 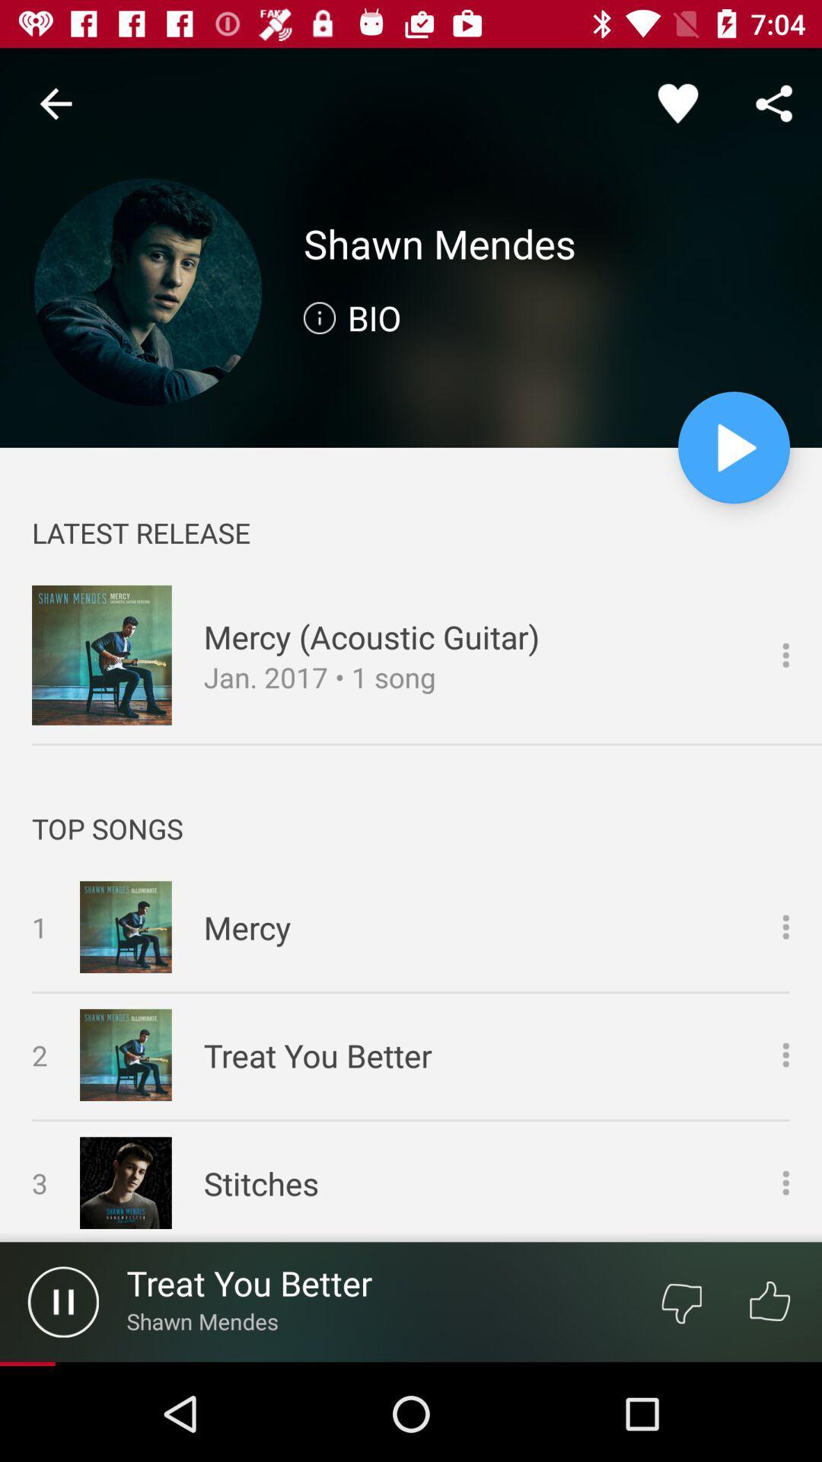 I want to click on the play icon, so click(x=733, y=447).